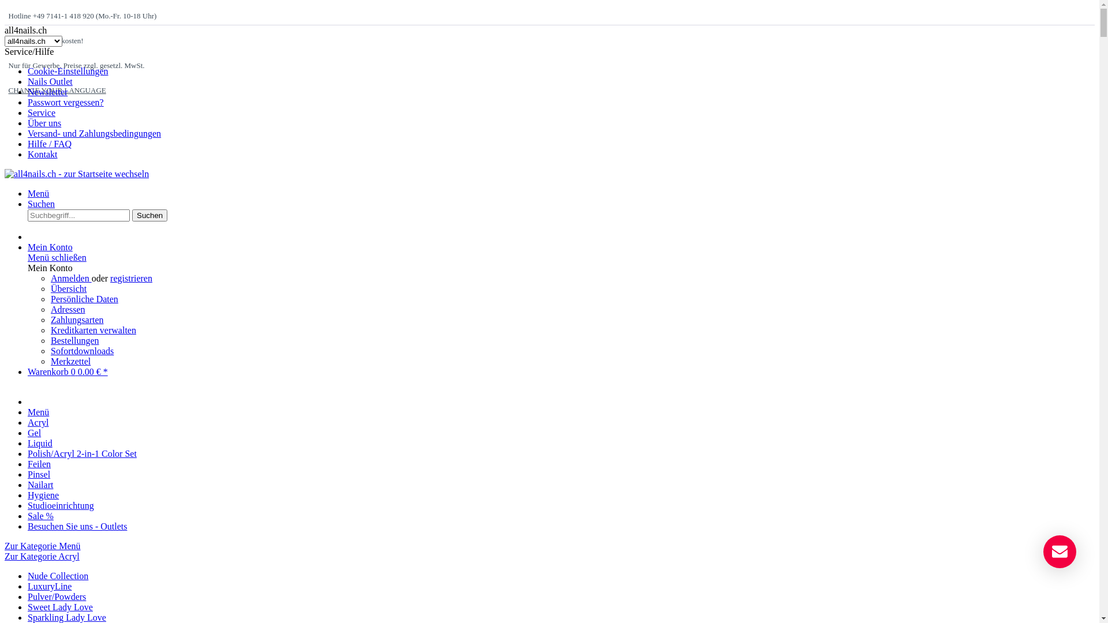  Describe the element at coordinates (38, 422) in the screenshot. I see `'Acryl'` at that location.